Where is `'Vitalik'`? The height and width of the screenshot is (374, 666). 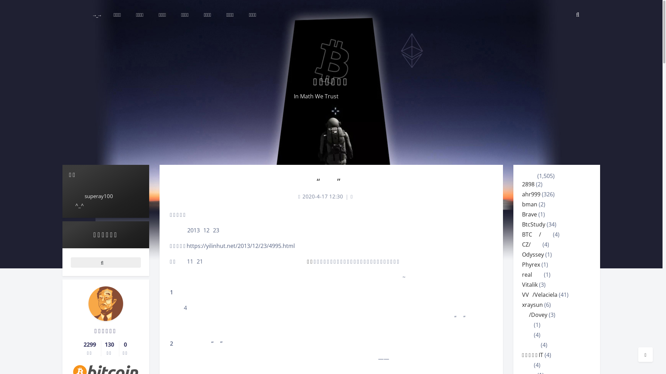 'Vitalik' is located at coordinates (529, 284).